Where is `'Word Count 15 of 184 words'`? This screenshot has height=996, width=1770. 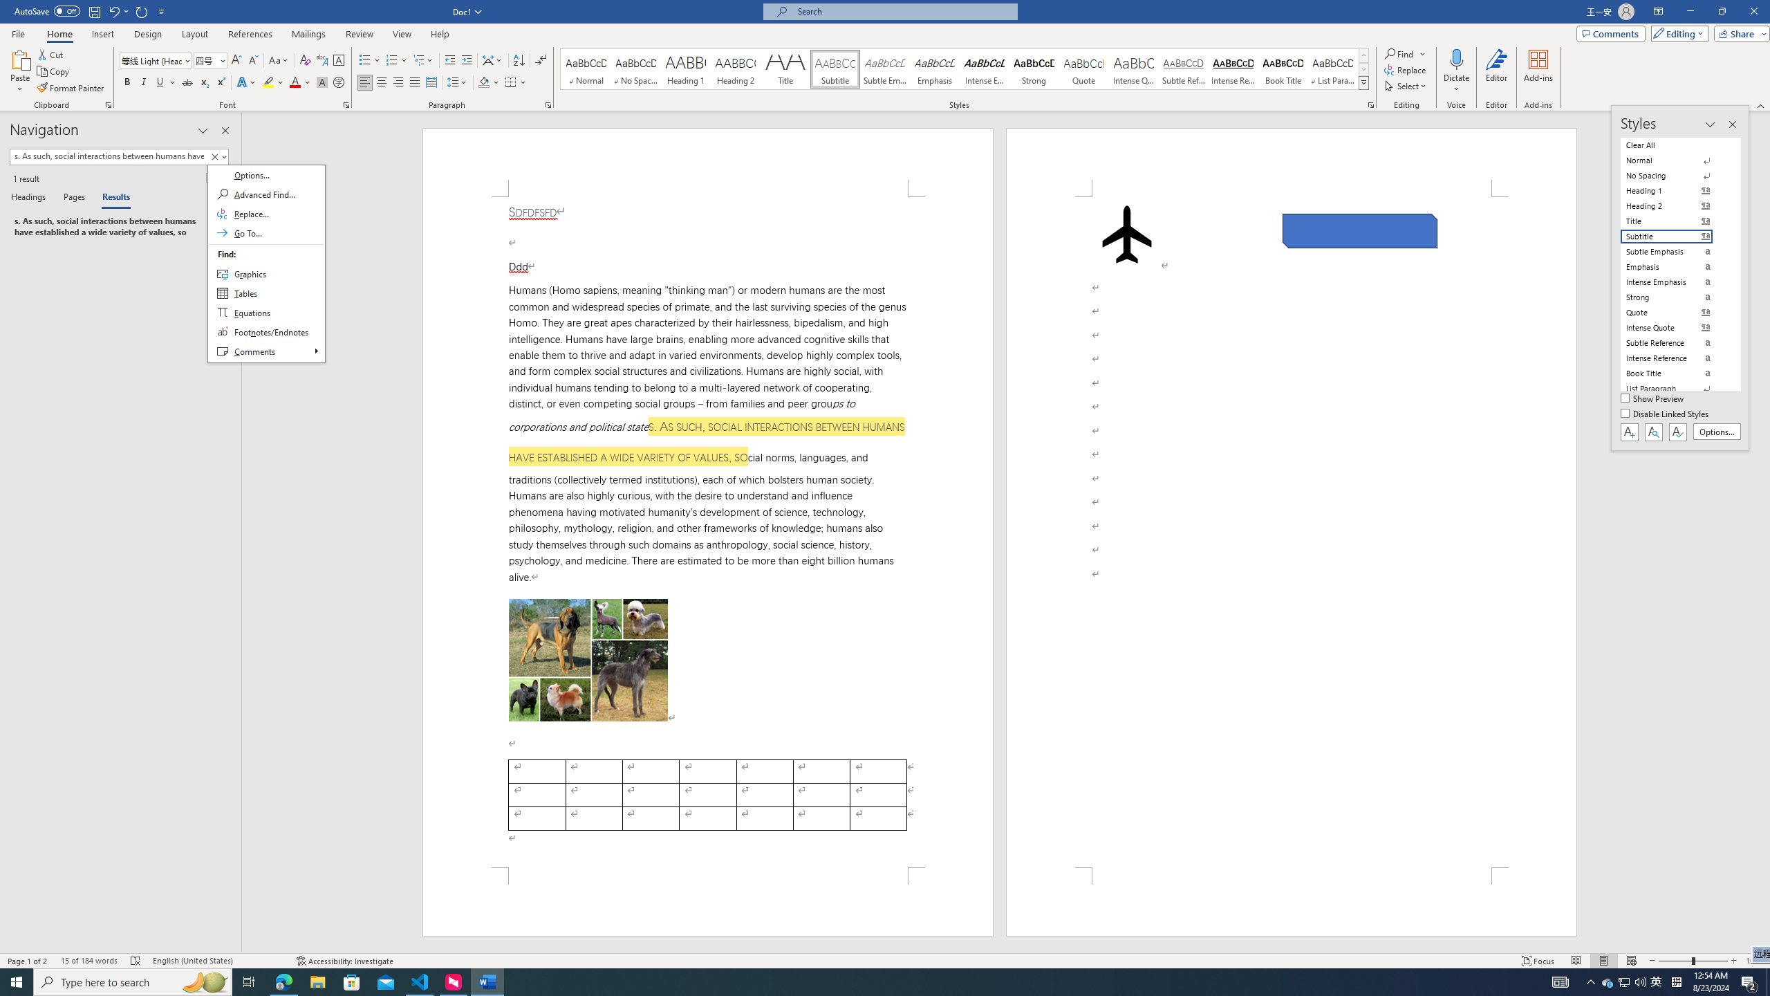 'Word Count 15 of 184 words' is located at coordinates (89, 961).